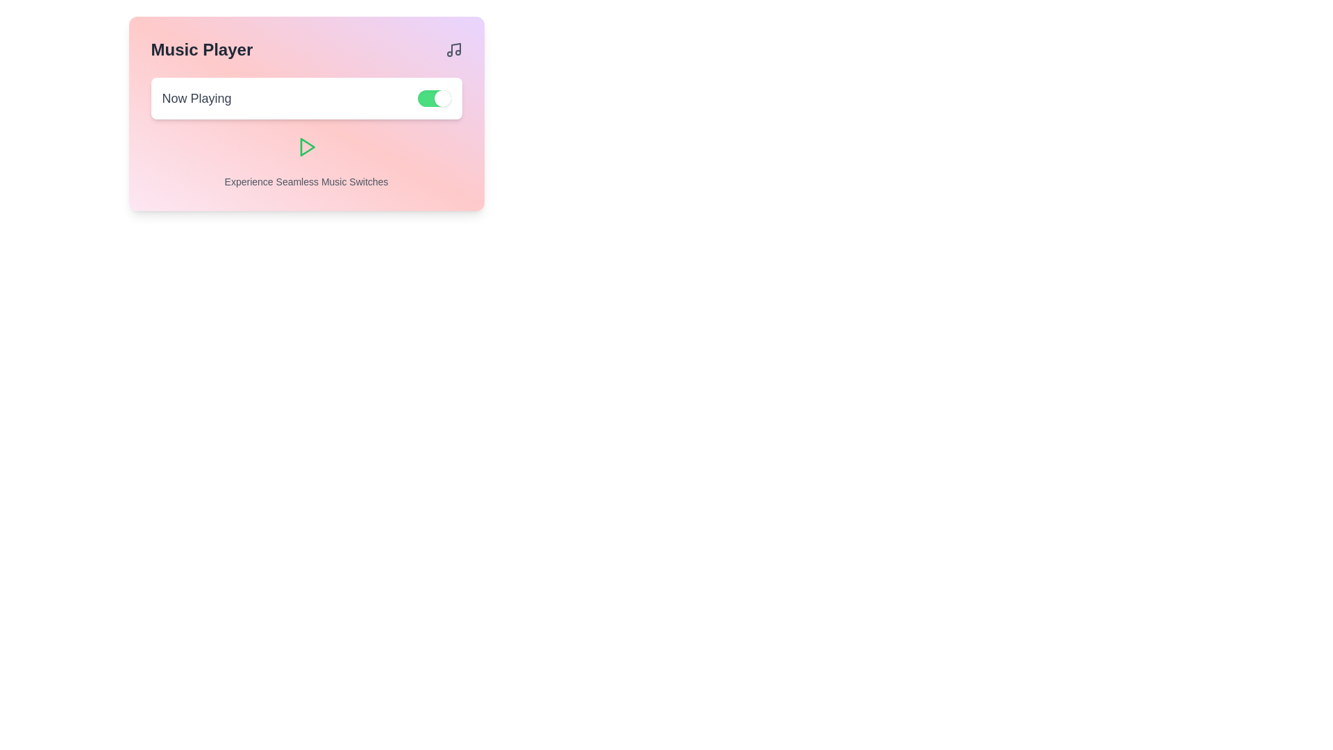  I want to click on the play button located at the center of the music player card, so click(305, 147).